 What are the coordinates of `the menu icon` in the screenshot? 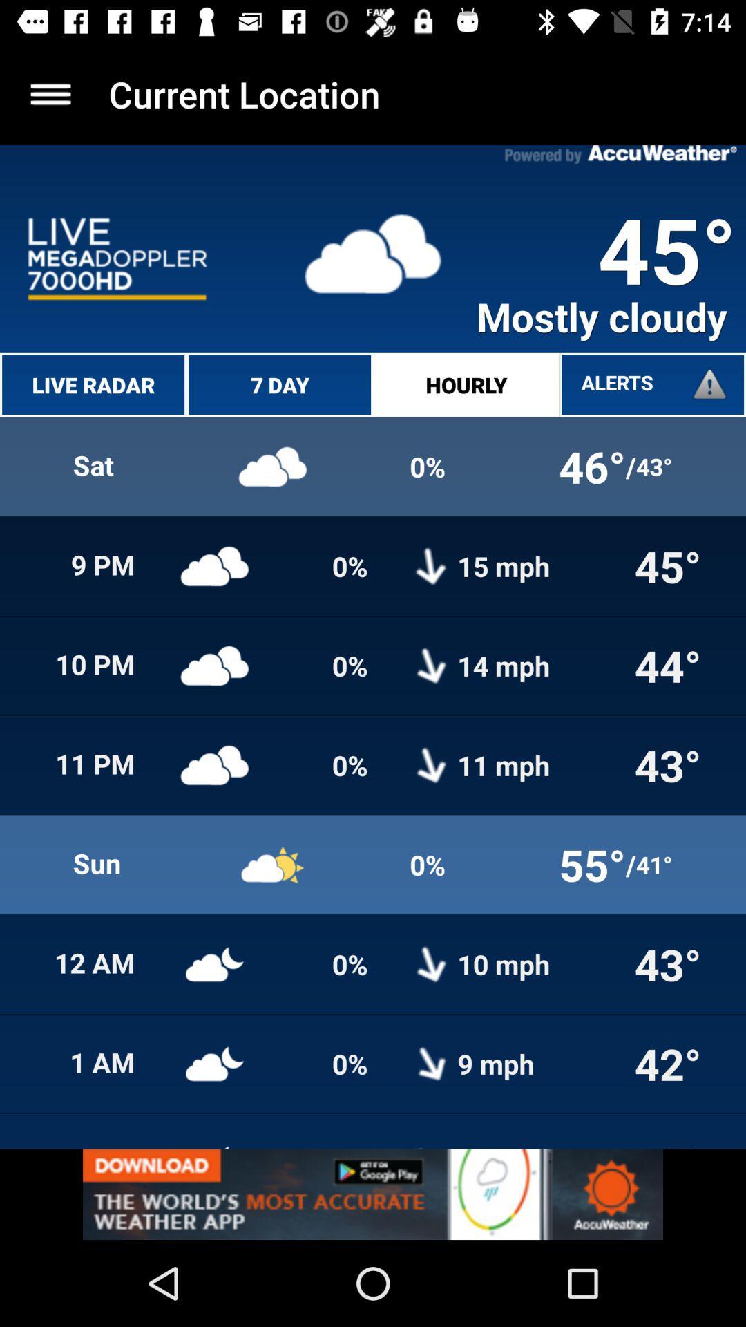 It's located at (50, 93).